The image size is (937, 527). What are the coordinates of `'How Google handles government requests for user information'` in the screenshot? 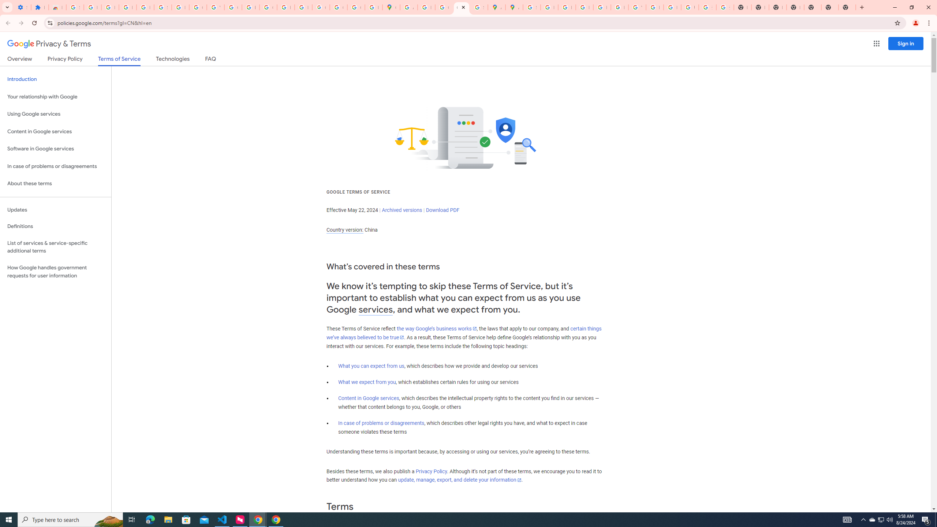 It's located at (55, 272).